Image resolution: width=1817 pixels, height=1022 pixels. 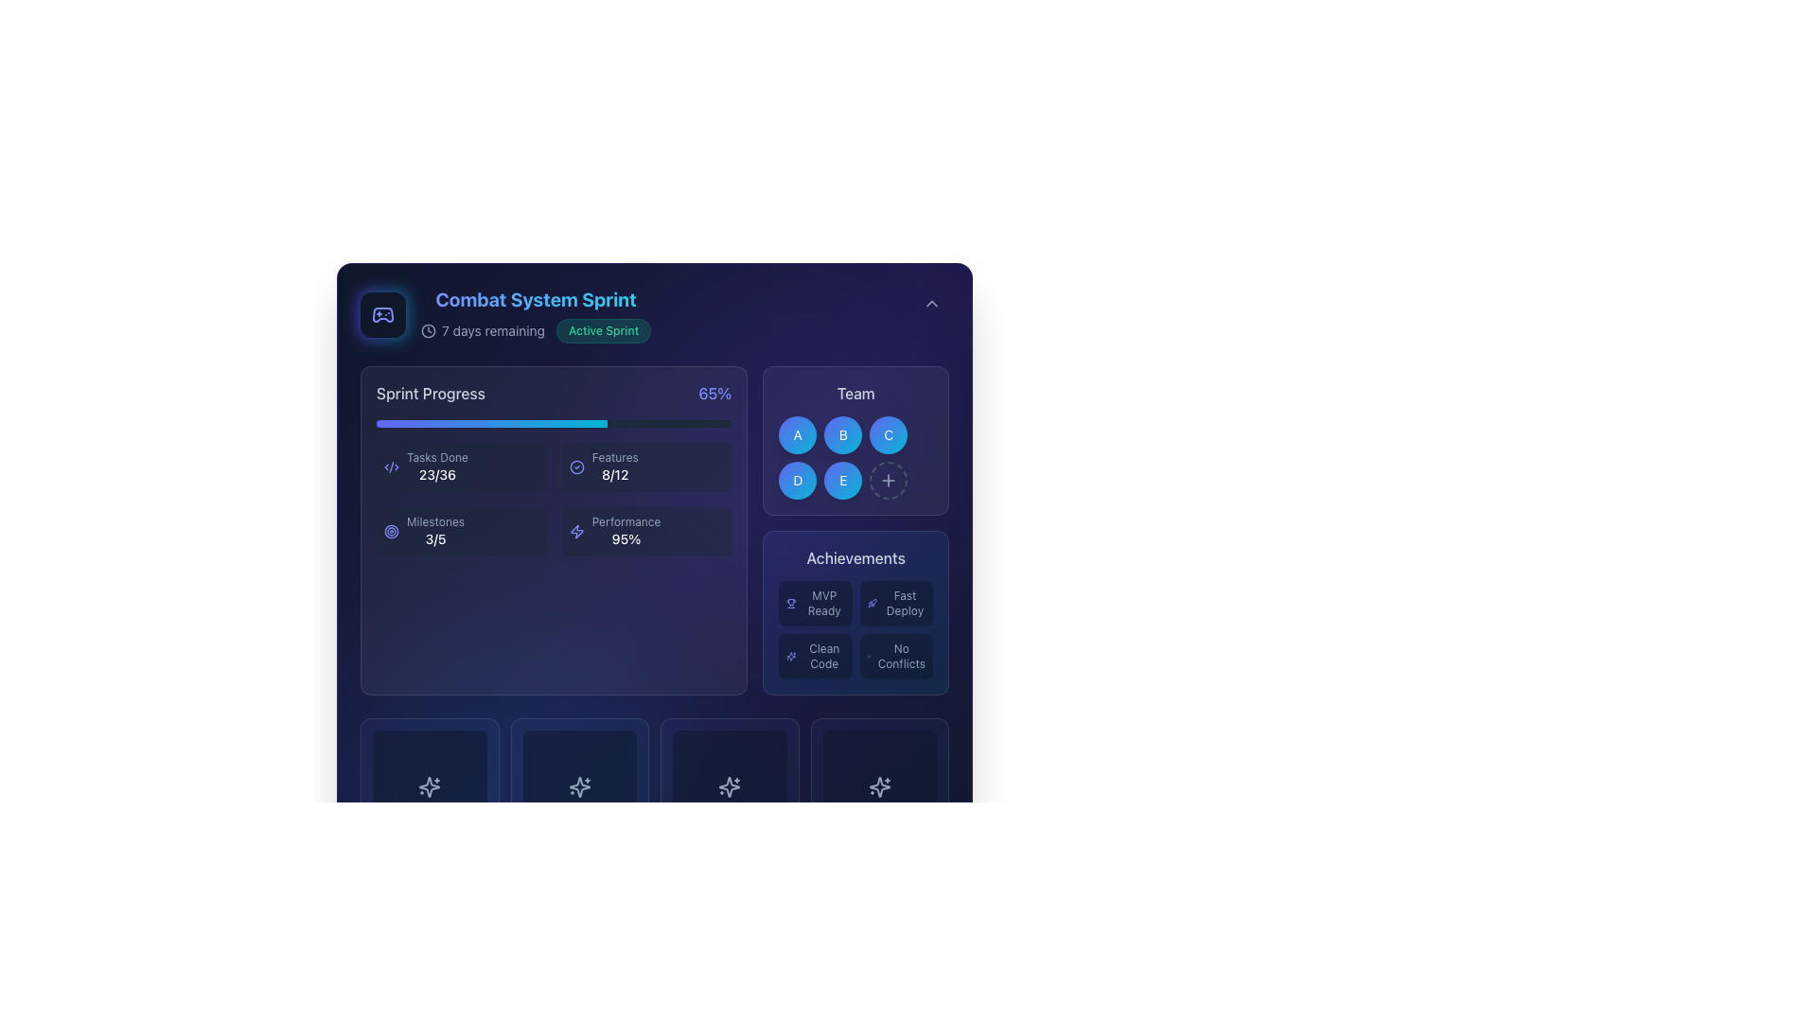 I want to click on the green status badge labeled 'Active Sprint' in the composite text element indicating '7 days remaining' for further actions if enabled, so click(x=535, y=330).